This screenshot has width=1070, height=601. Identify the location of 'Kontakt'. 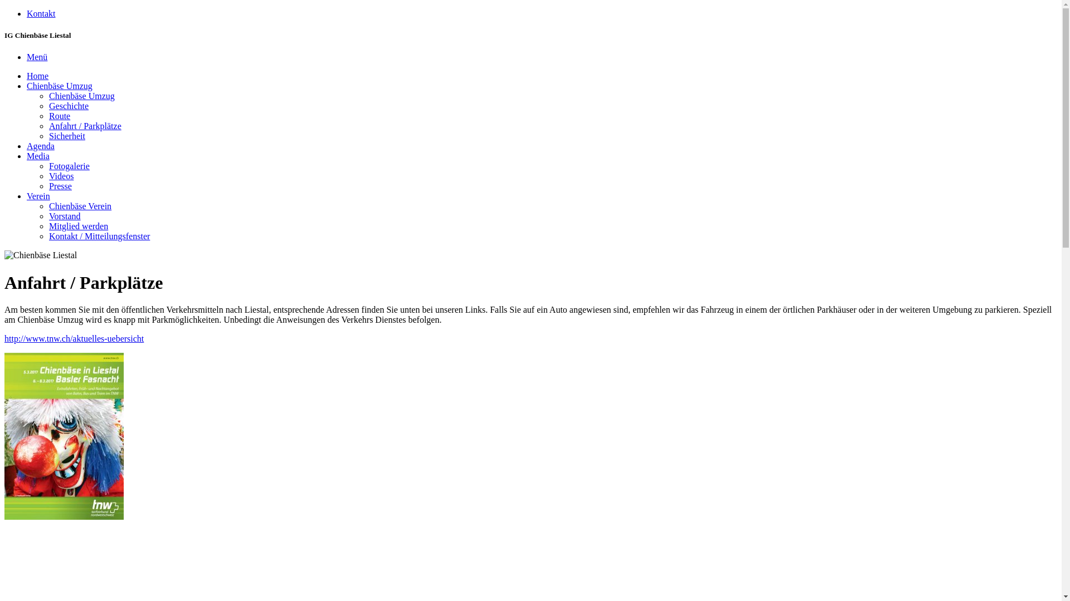
(41, 13).